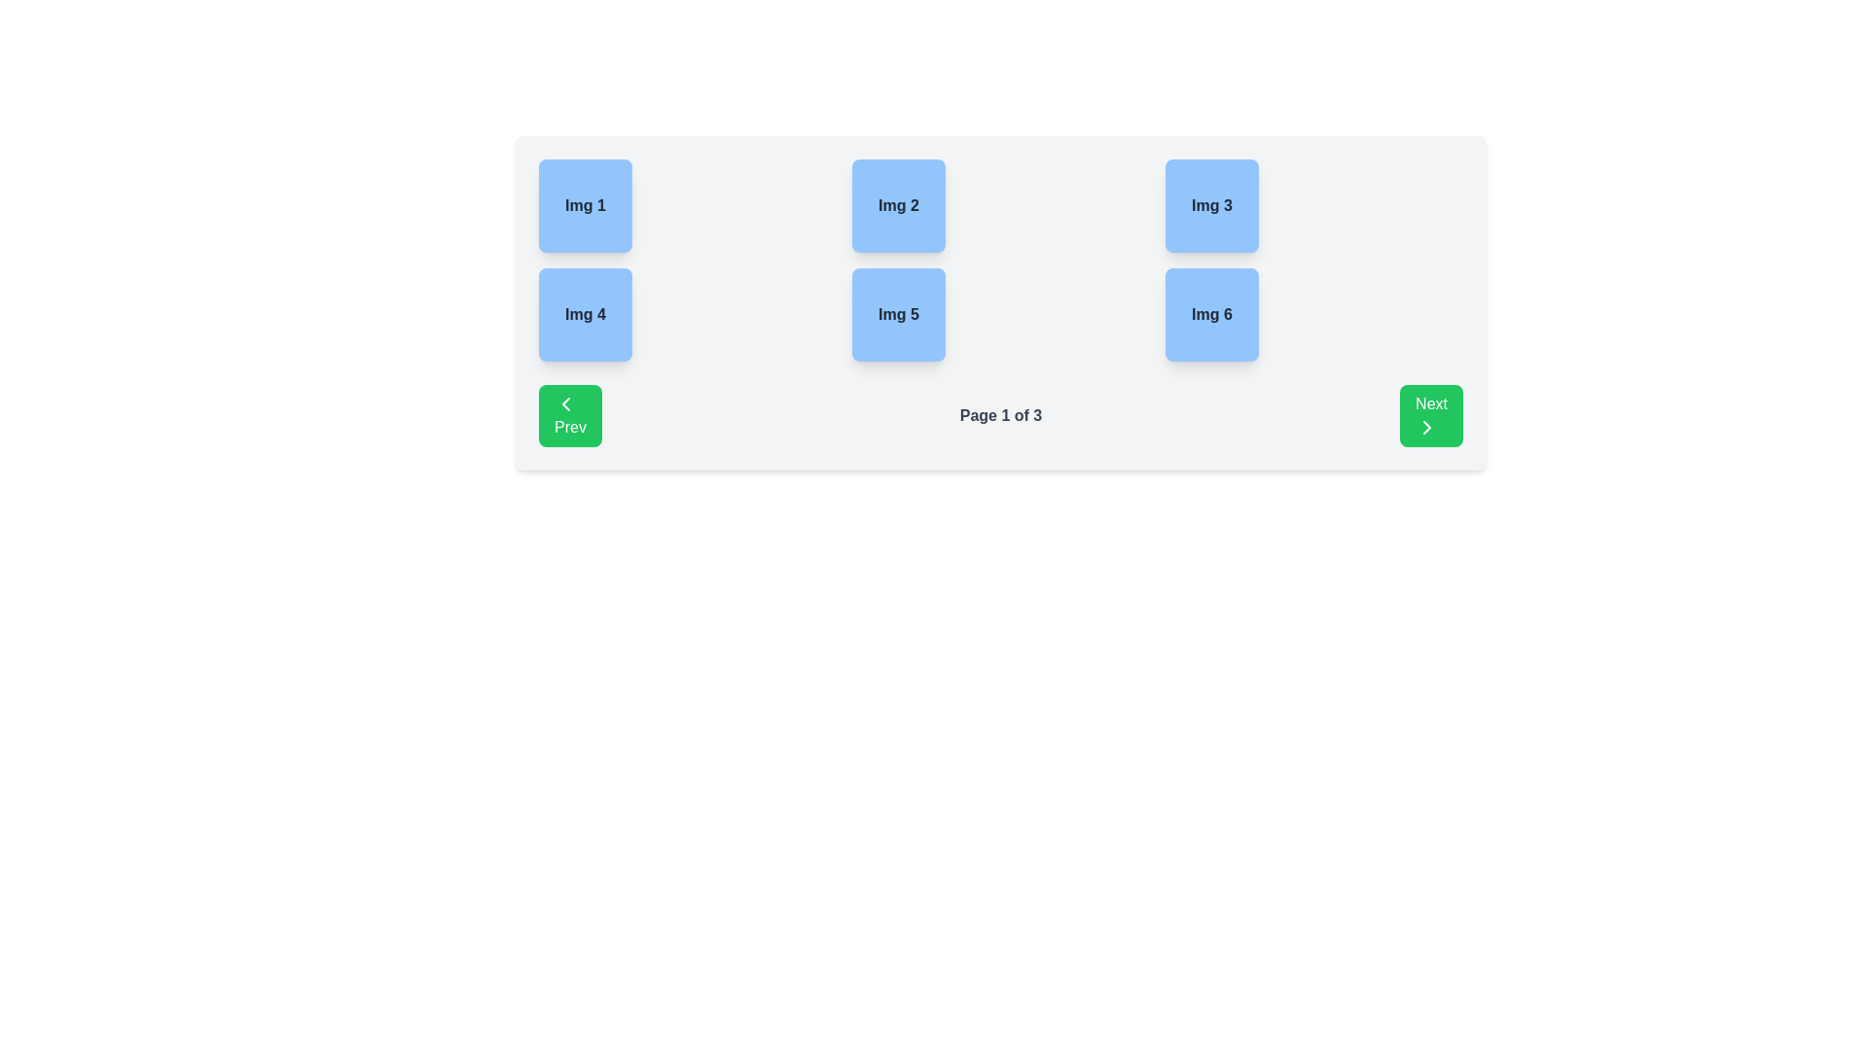 The image size is (1868, 1050). I want to click on the backward navigation icon located within the 'Prev' button at the bottom left corner of the interface, so click(564, 403).